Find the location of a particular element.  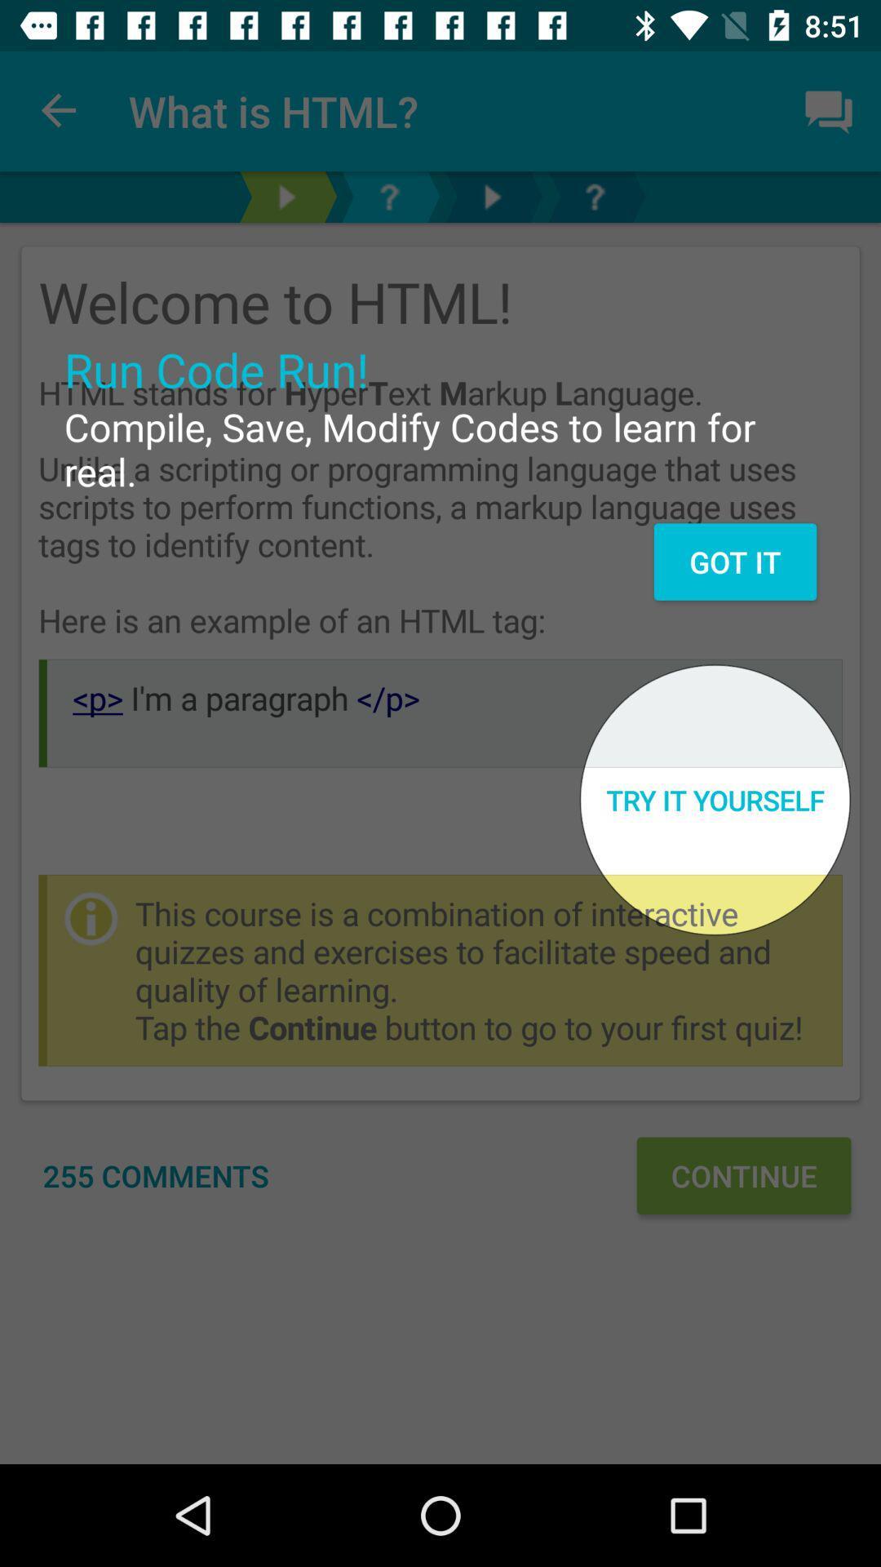

the play icon is located at coordinates (490, 196).